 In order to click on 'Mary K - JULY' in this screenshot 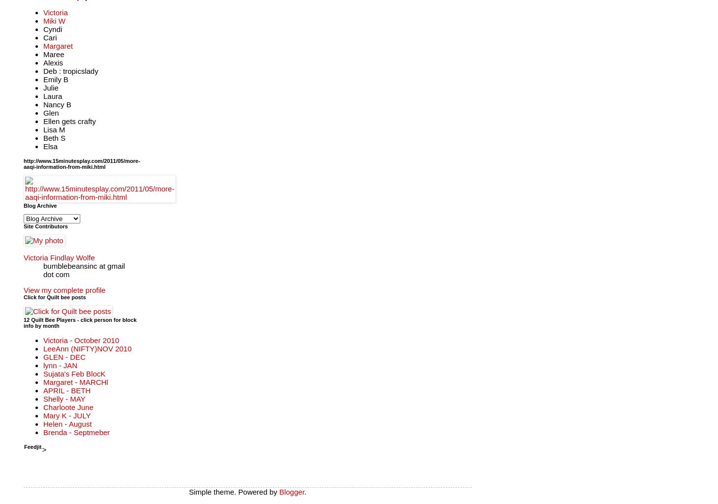, I will do `click(66, 414)`.